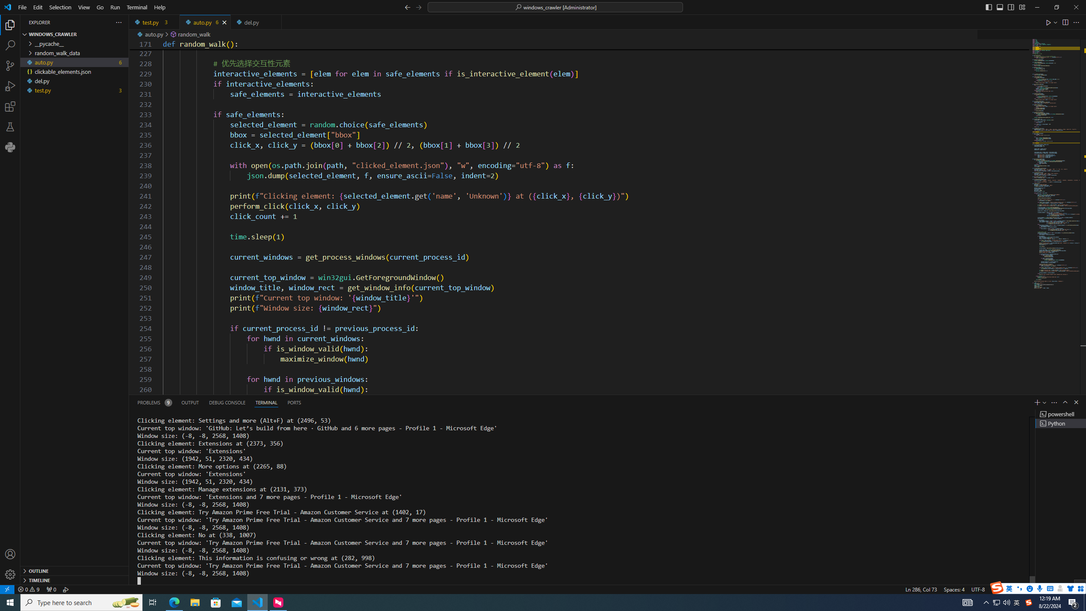  I want to click on 'Tab actions', so click(275, 22).